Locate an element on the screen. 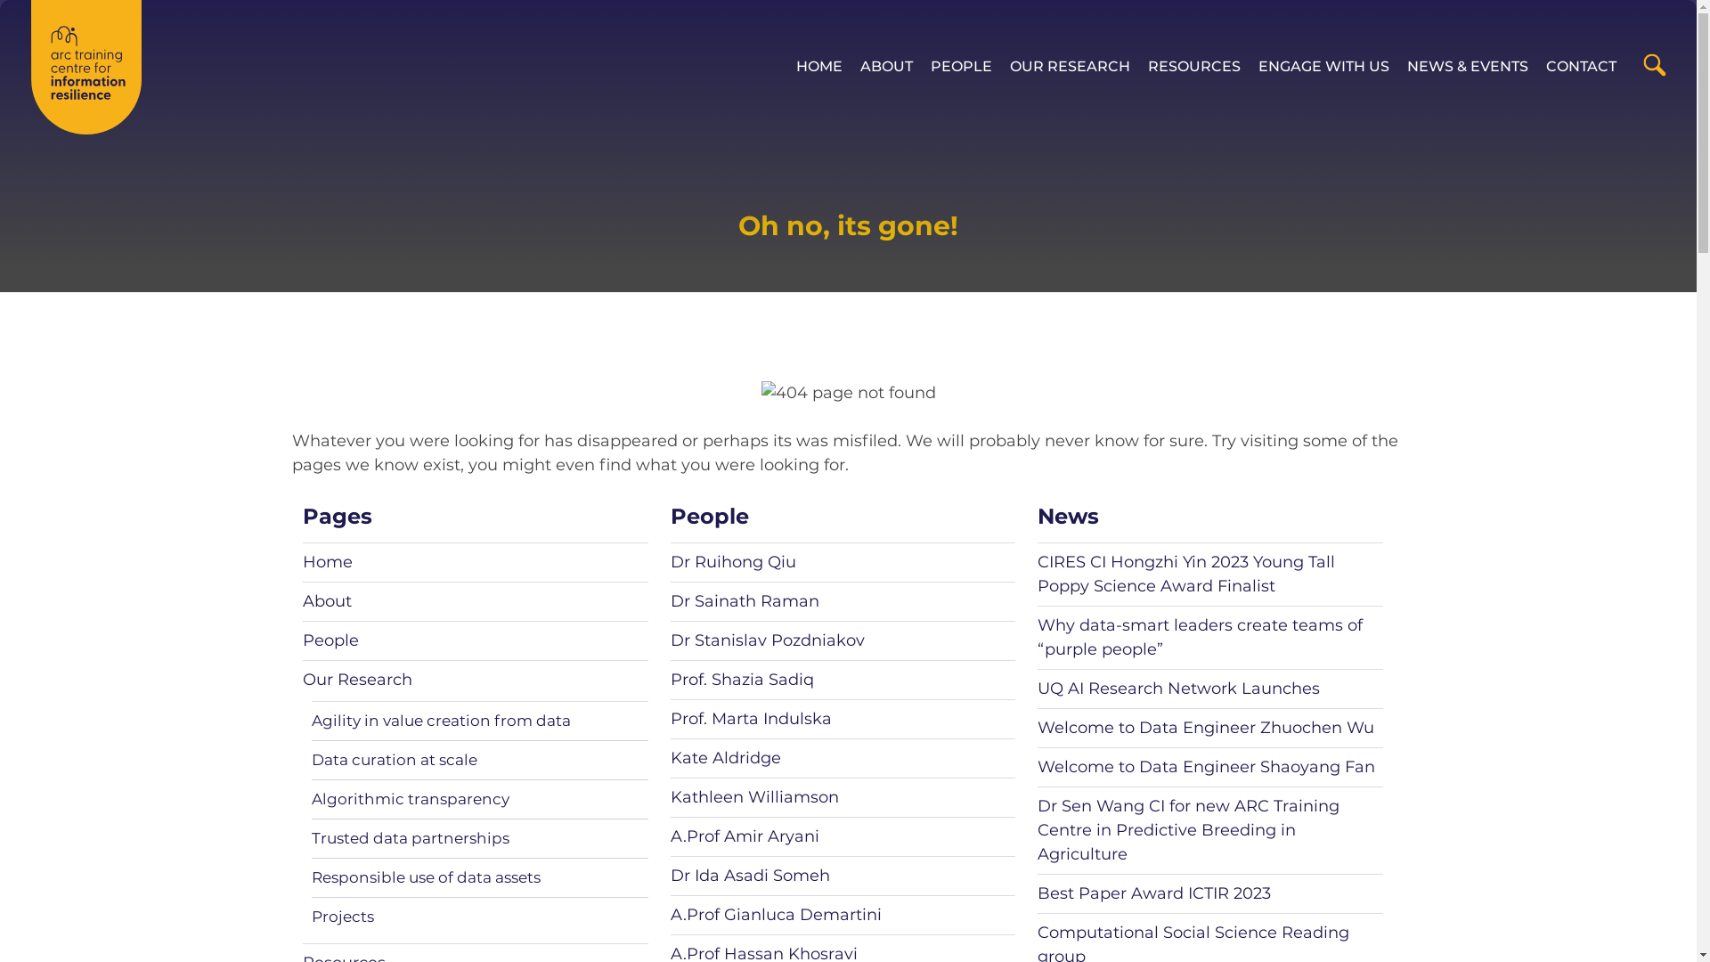 The image size is (1710, 962). 'Dr Sainath Raman' is located at coordinates (744, 601).